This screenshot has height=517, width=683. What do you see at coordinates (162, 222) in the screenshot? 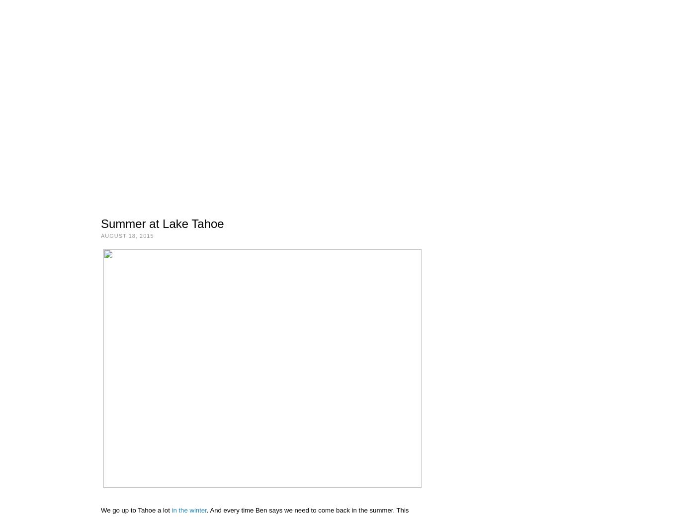
I see `'Summer at Lake Tahoe'` at bounding box center [162, 222].